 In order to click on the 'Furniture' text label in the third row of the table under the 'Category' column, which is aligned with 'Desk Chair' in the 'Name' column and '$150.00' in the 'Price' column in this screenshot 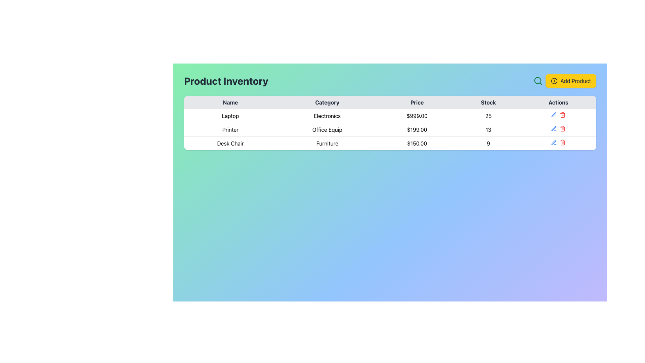, I will do `click(327, 143)`.